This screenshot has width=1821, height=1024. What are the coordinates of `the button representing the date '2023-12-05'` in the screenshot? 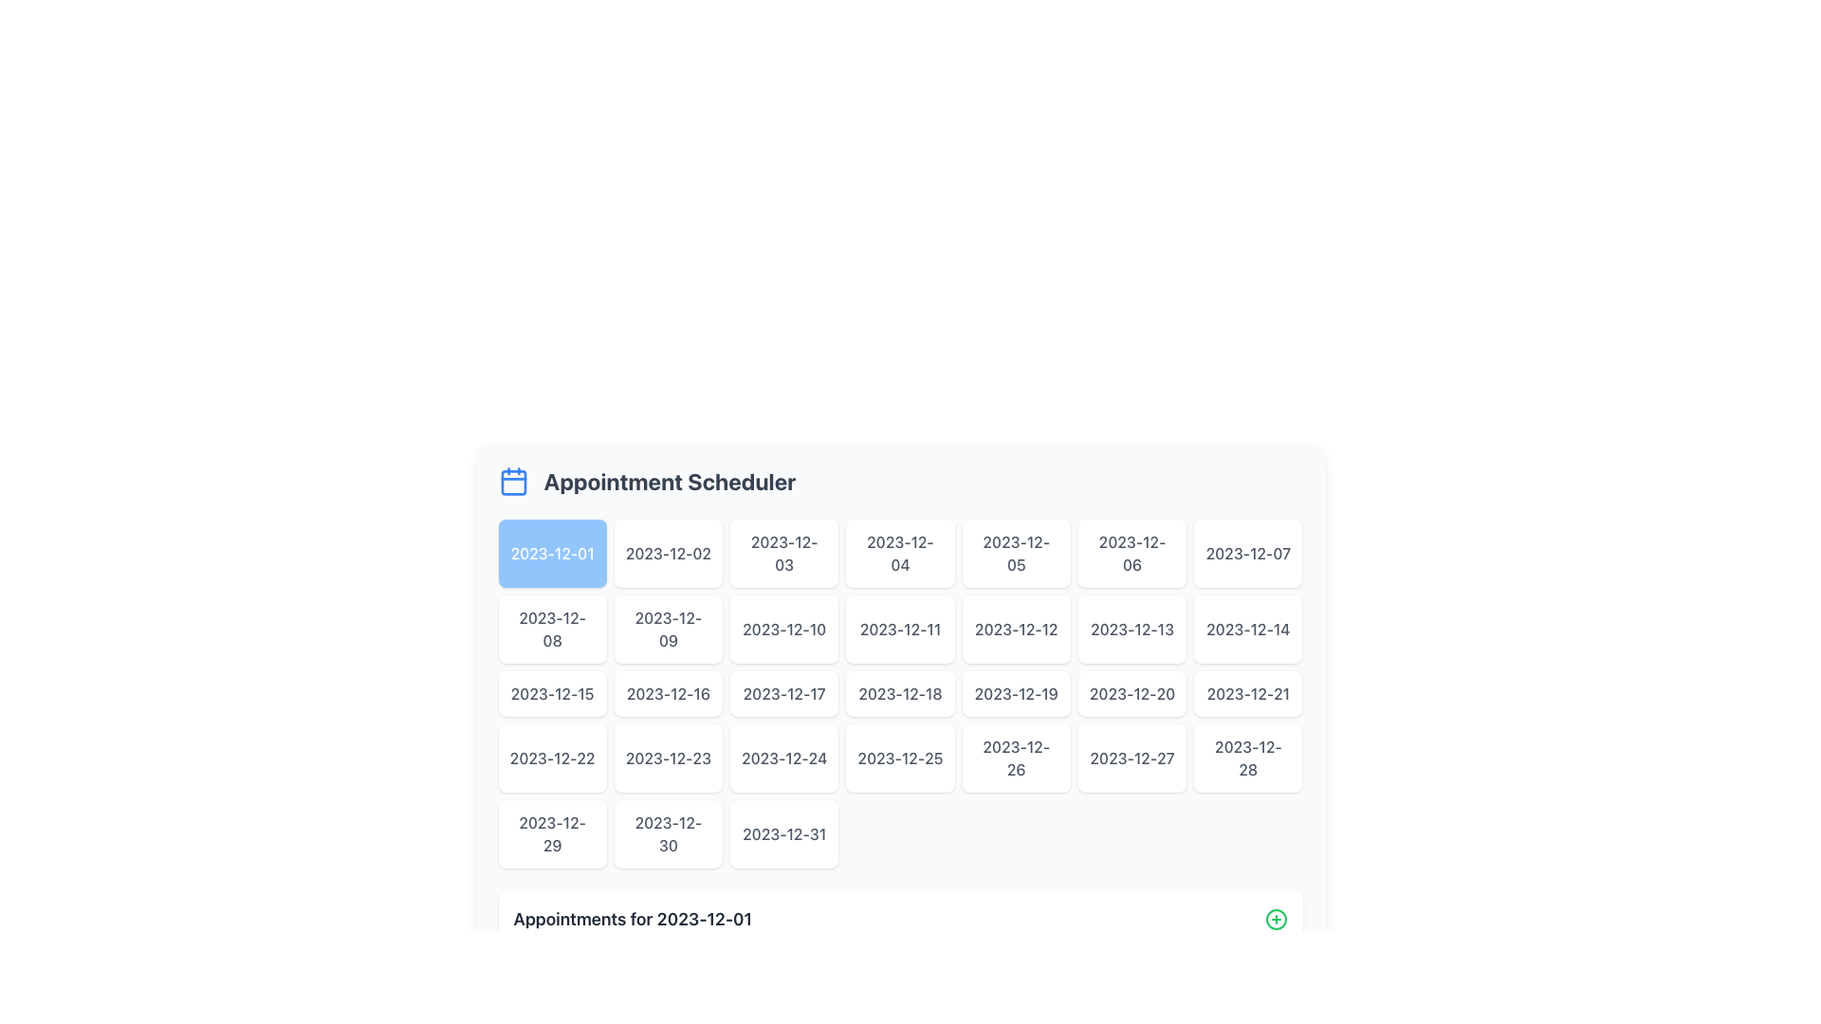 It's located at (1015, 553).